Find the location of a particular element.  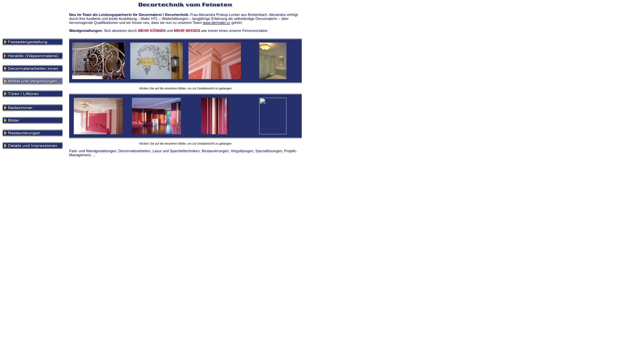

'www.dermaler.cc' is located at coordinates (216, 22).